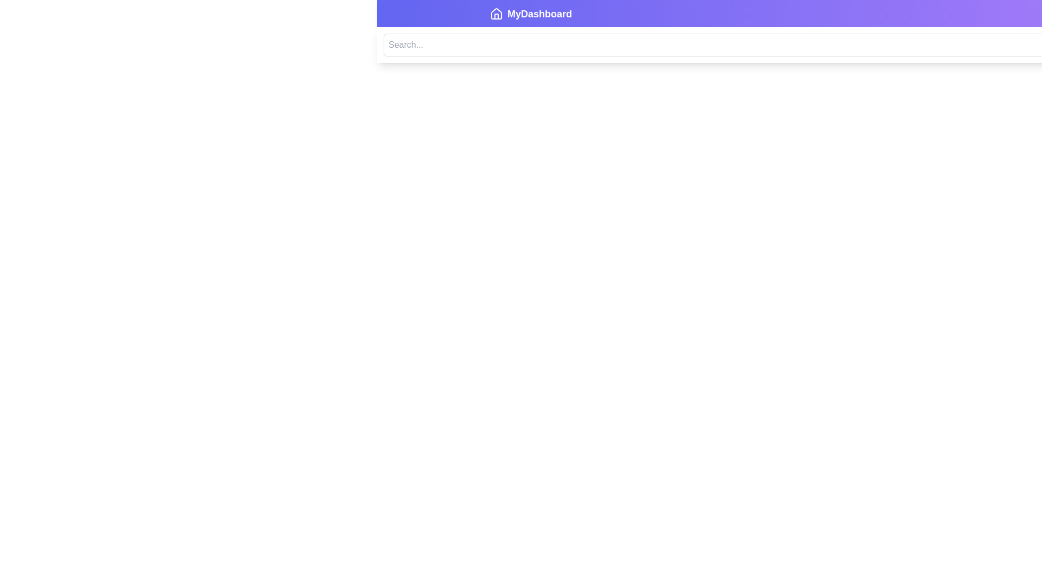 Image resolution: width=1042 pixels, height=586 pixels. I want to click on the Label with Icon that features a house symbol and the text 'MyDashboard', which is styled in bold white font on a purple background, located in the top section of the interface, so click(531, 14).